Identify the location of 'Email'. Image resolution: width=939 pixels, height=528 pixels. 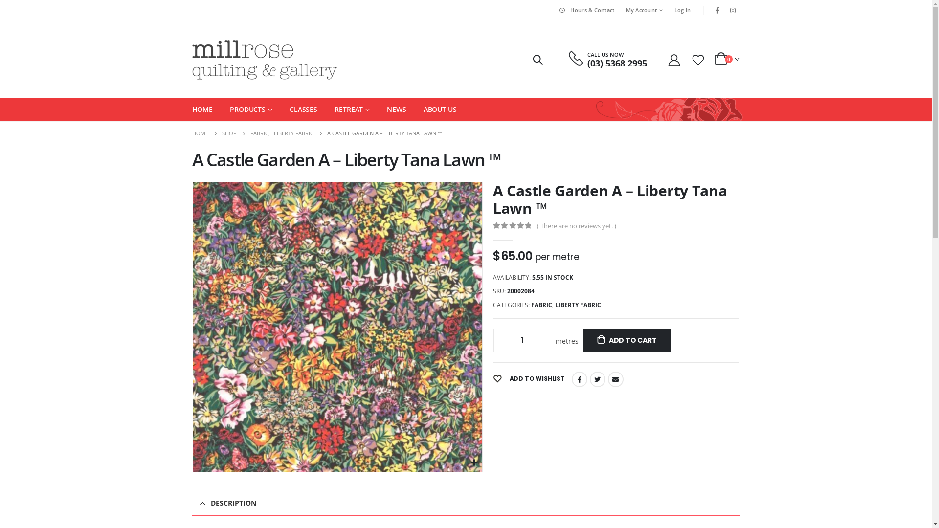
(615, 378).